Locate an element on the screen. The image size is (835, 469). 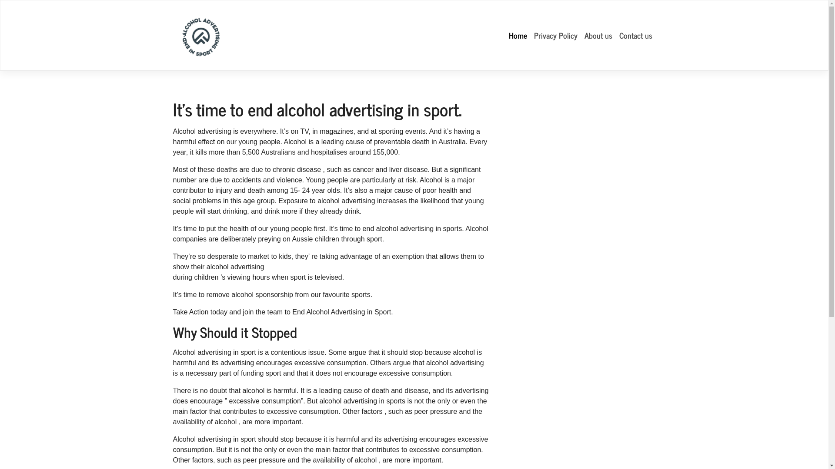
'Home' is located at coordinates (518, 35).